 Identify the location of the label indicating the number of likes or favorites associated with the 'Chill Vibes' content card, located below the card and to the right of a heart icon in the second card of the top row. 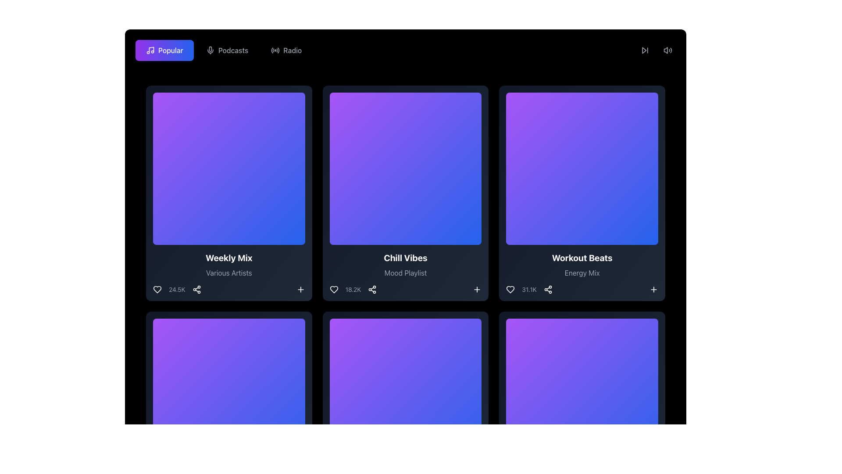
(353, 289).